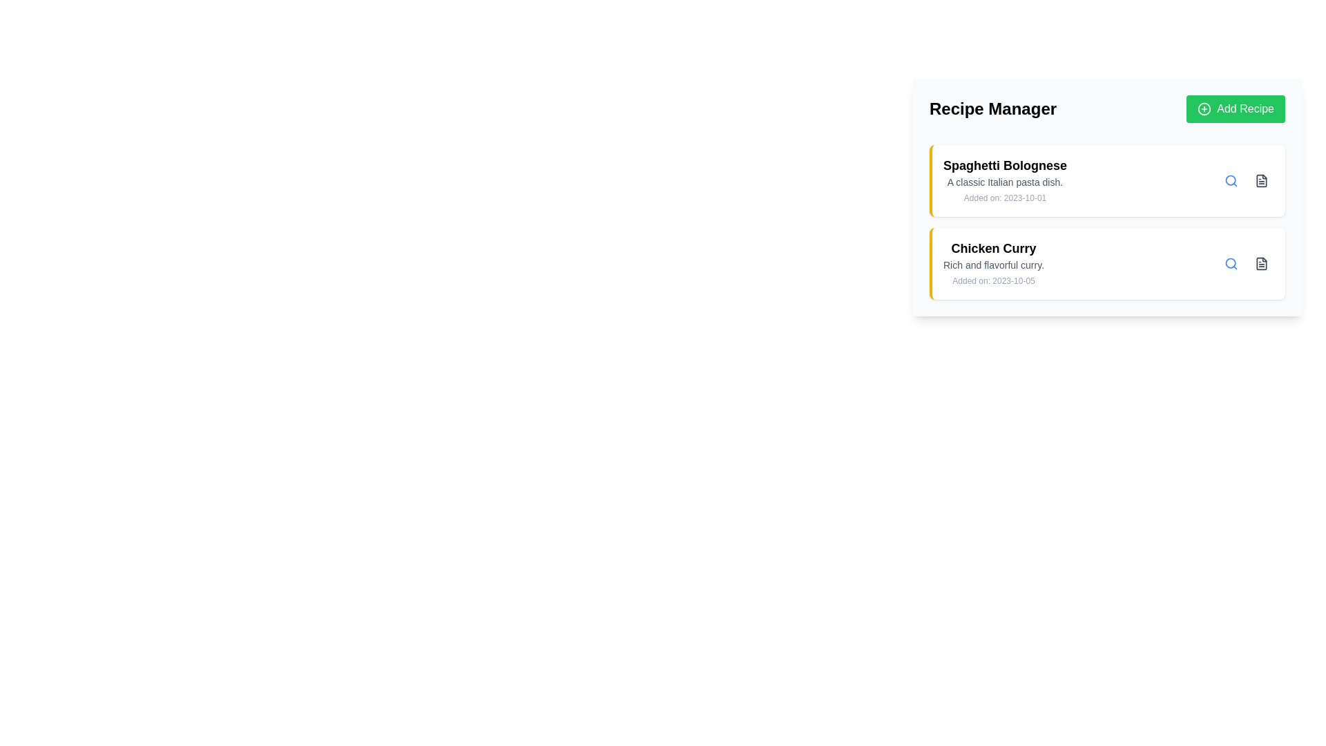 This screenshot has height=746, width=1326. What do you see at coordinates (1204, 108) in the screenshot?
I see `the circular icon with a plus symbol, which is part of the green 'Add Recipe' button in the top-right corner of the 'Recipe Manager' section` at bounding box center [1204, 108].